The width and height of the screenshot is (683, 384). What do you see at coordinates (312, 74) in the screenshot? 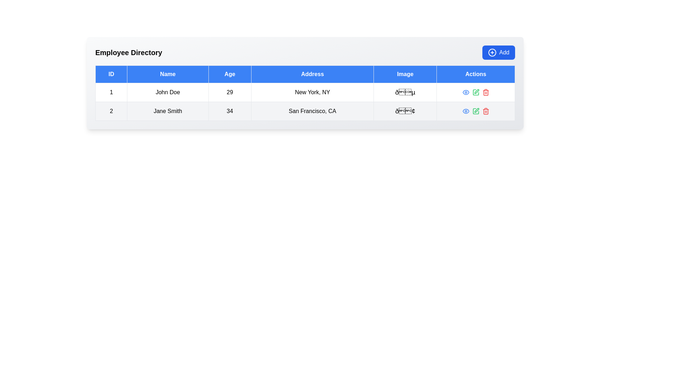
I see `the 'Address' table header cell with a blue background to sort the column` at bounding box center [312, 74].